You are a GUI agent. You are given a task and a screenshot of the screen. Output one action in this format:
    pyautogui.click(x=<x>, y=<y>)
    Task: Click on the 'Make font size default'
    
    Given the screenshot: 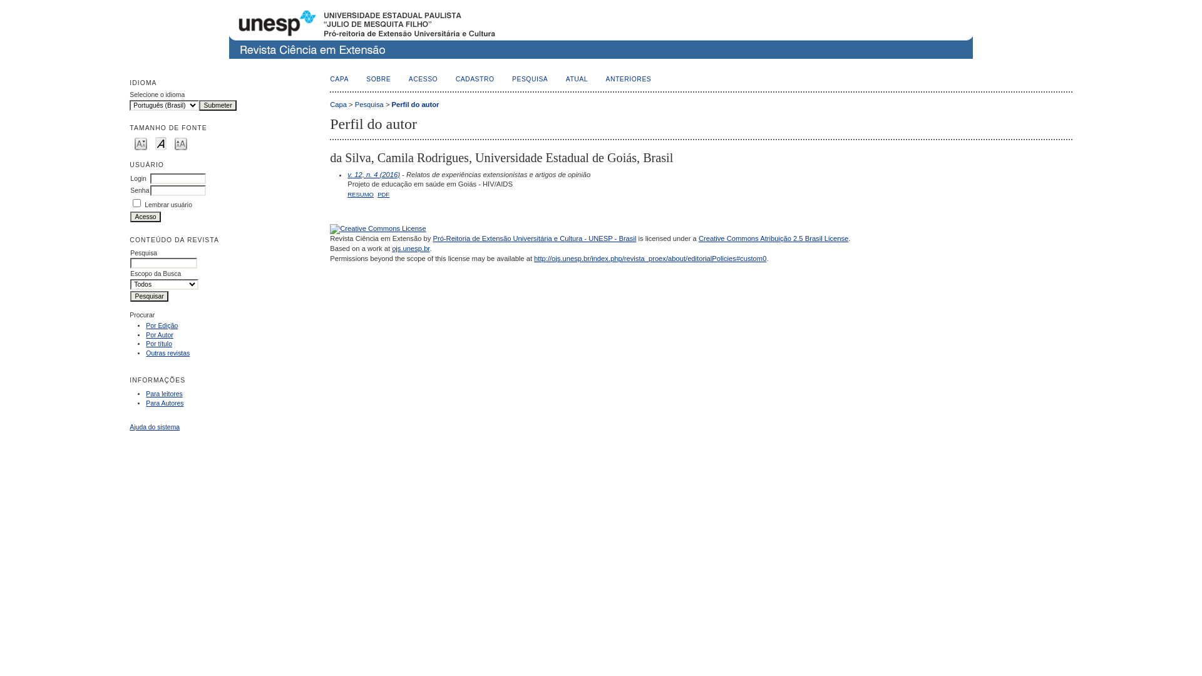 What is the action you would take?
    pyautogui.click(x=160, y=142)
    